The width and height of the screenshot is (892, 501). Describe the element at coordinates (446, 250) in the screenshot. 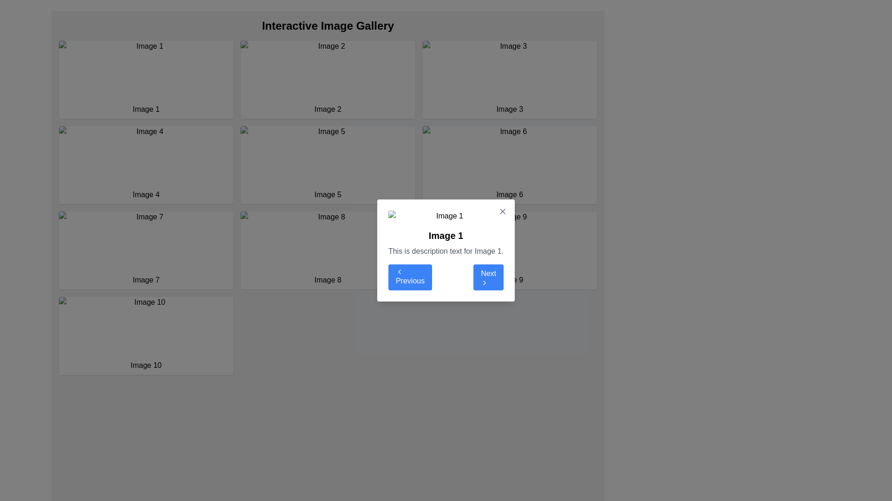

I see `description displayed in the interactive dialog box that provides additional details about 'Image 1'` at that location.